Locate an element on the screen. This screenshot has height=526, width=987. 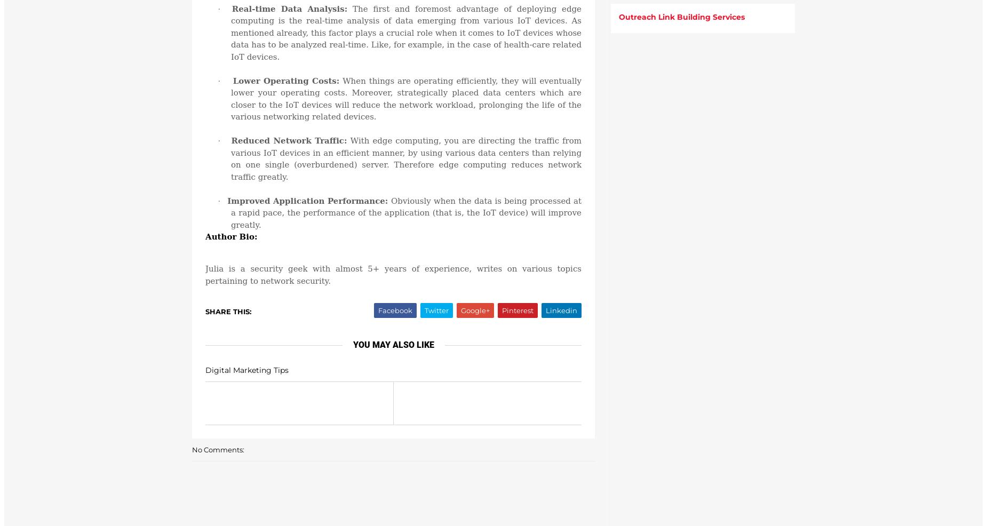
'Facebook' is located at coordinates (395, 310).